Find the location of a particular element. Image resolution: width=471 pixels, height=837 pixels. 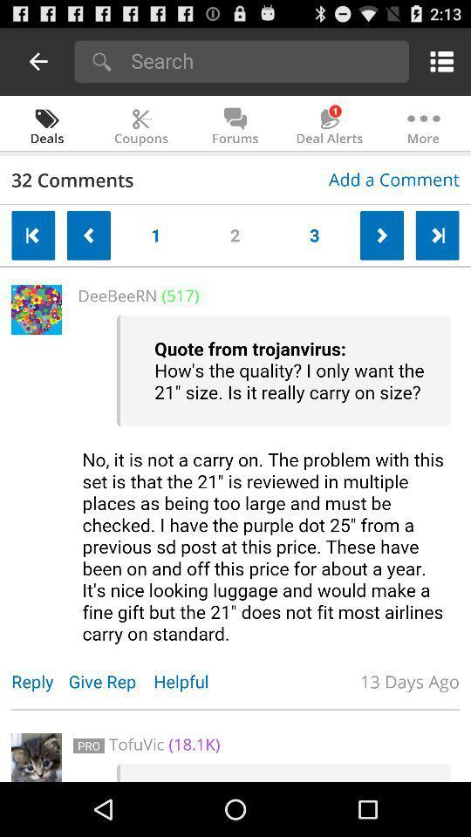

he can activate the simple voice command is located at coordinates (266, 480).